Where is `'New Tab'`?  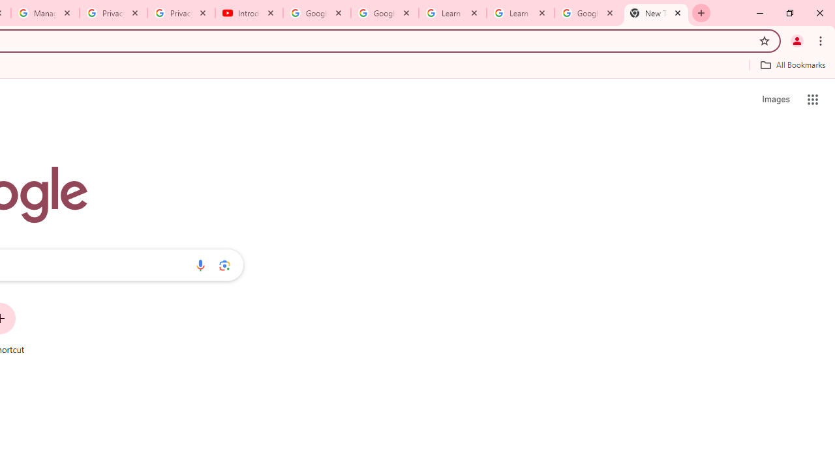
'New Tab' is located at coordinates (656, 13).